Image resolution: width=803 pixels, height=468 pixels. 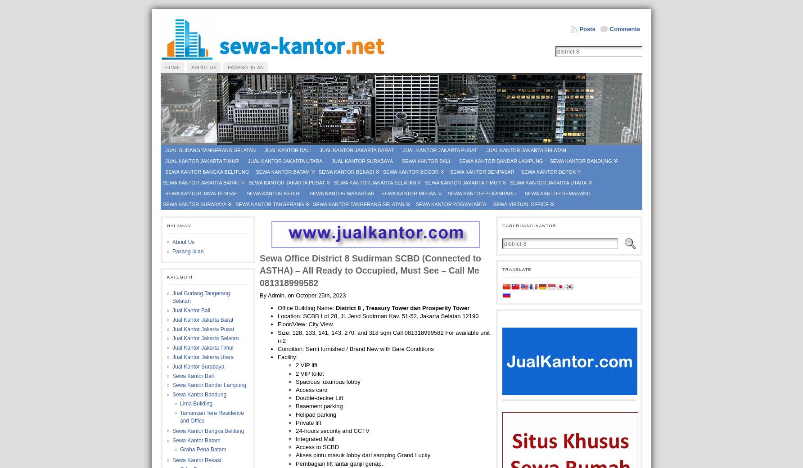 What do you see at coordinates (342, 193) in the screenshot?
I see `'Sewa Kantor Makassar'` at bounding box center [342, 193].